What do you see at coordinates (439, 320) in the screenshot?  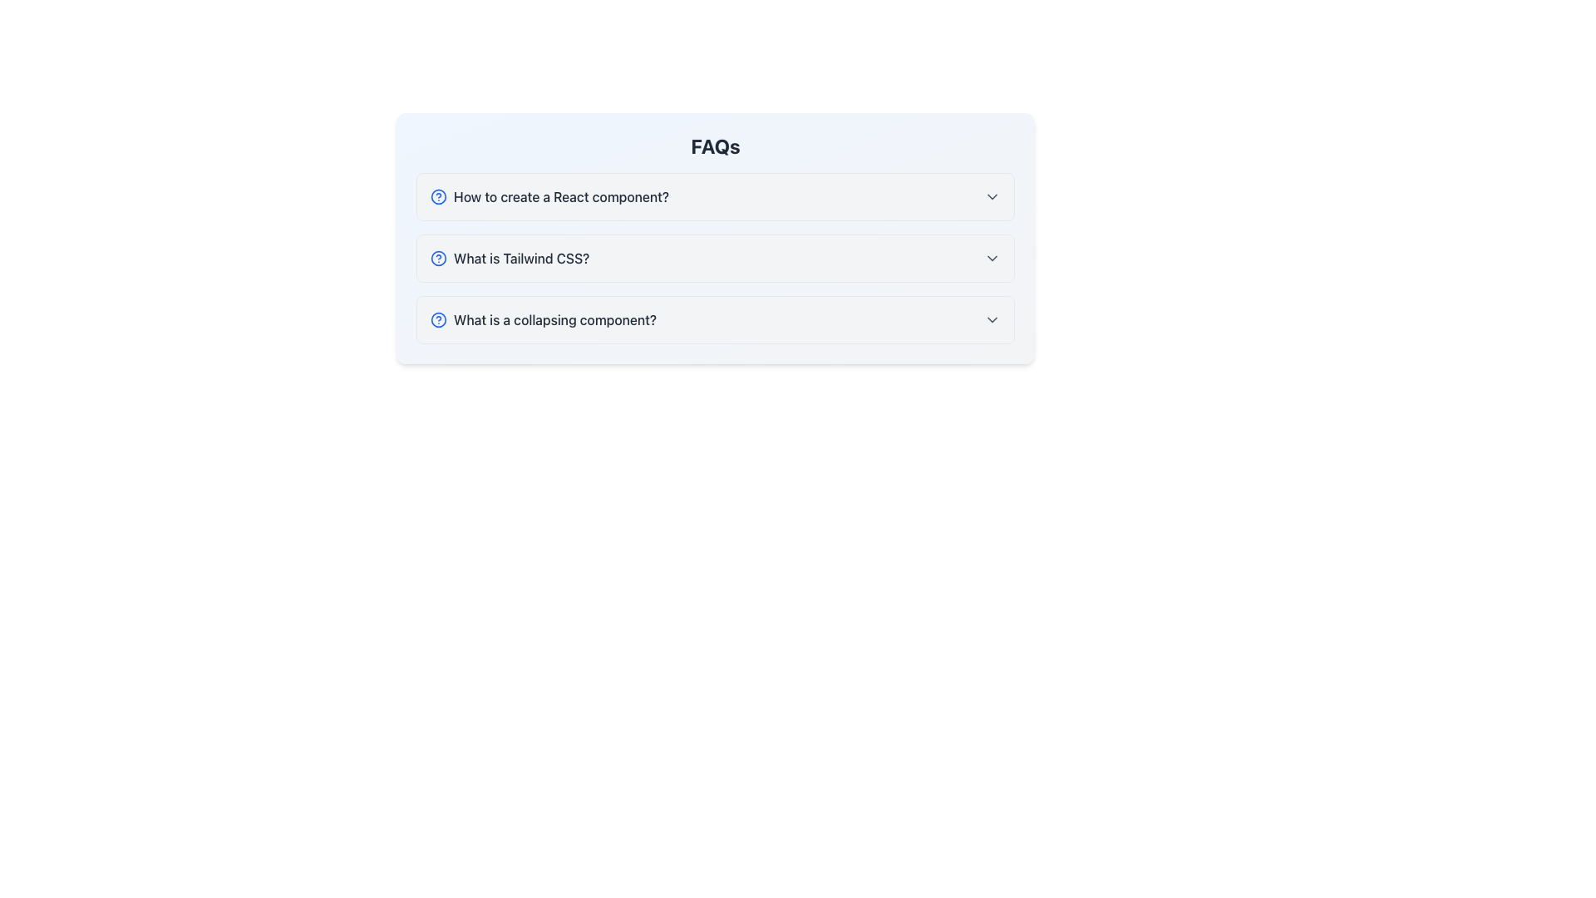 I see `the help icon indicating the question related to 'What is a collapsing component?' located at the start of the corresponding text entry in the FAQ list` at bounding box center [439, 320].